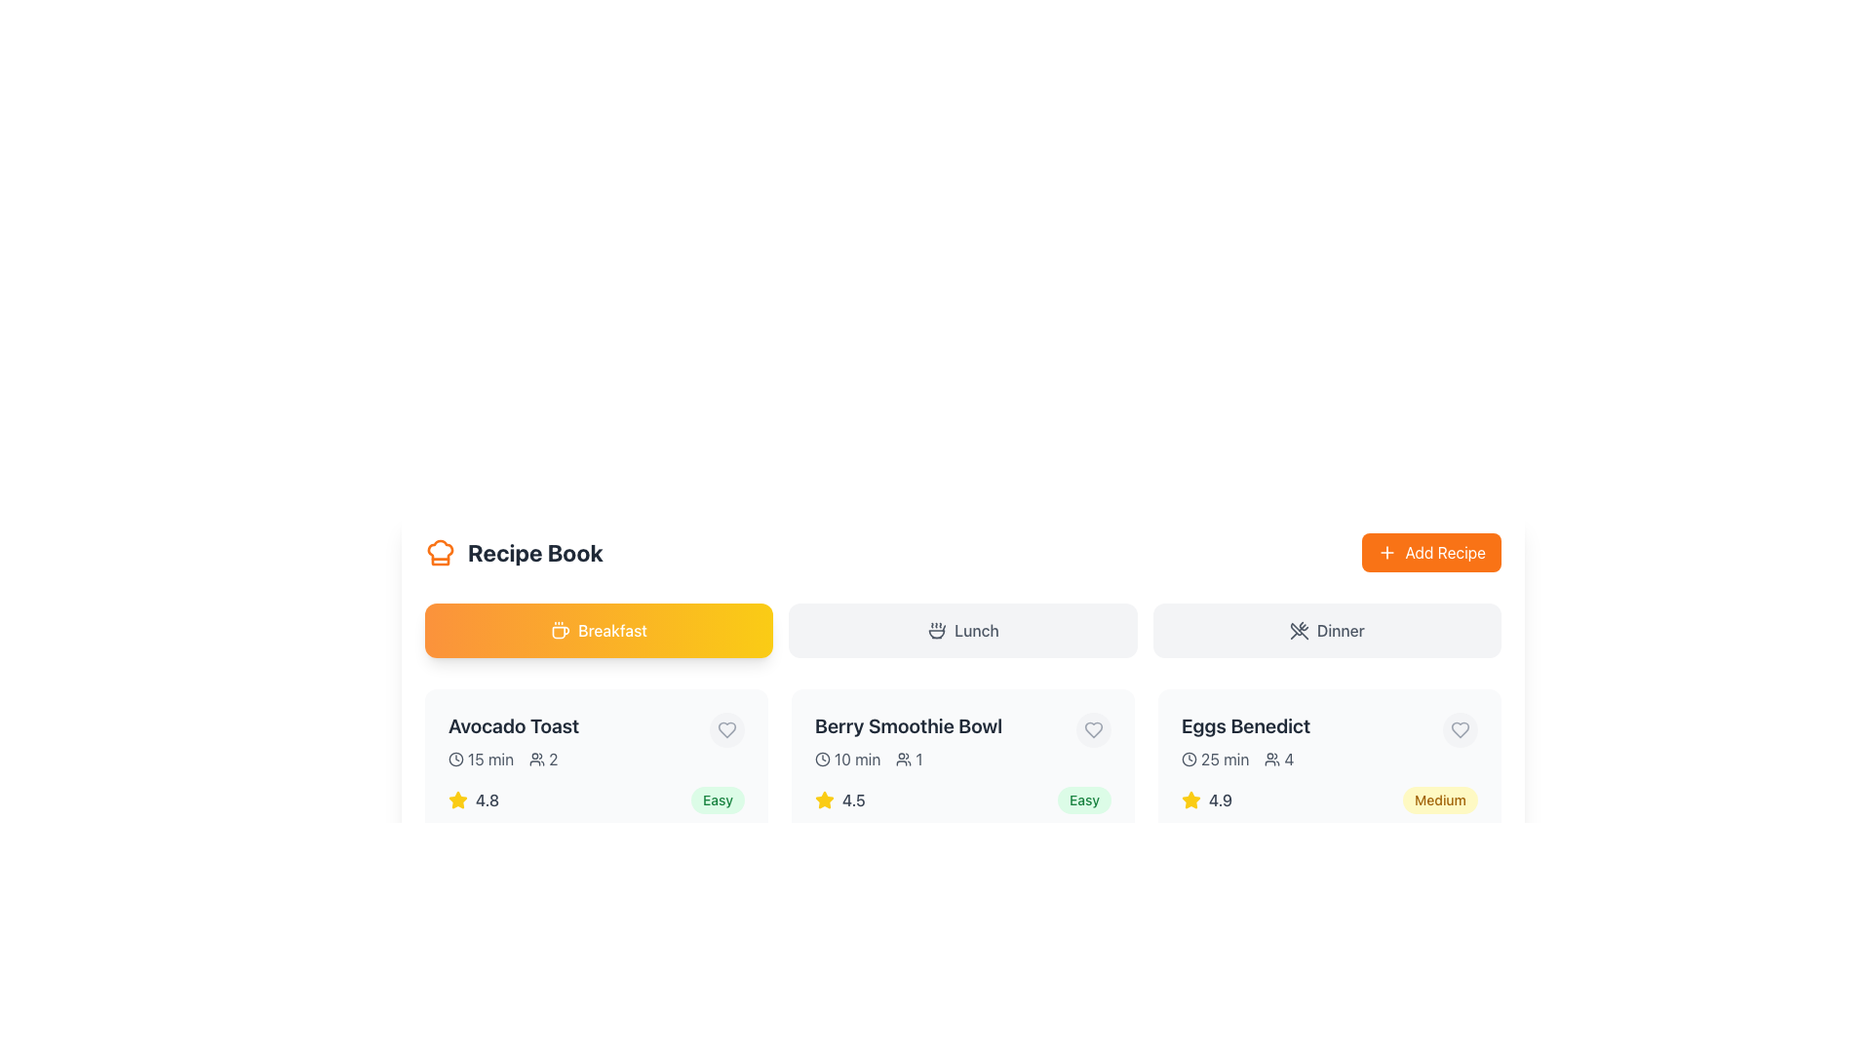 The width and height of the screenshot is (1872, 1053). Describe the element at coordinates (907, 741) in the screenshot. I see `the recipe display element located in the card below the 'Breakfast' section header, specifically the second card from the left between 'Avocado Toast' and 'Eggs Benedict'` at that location.